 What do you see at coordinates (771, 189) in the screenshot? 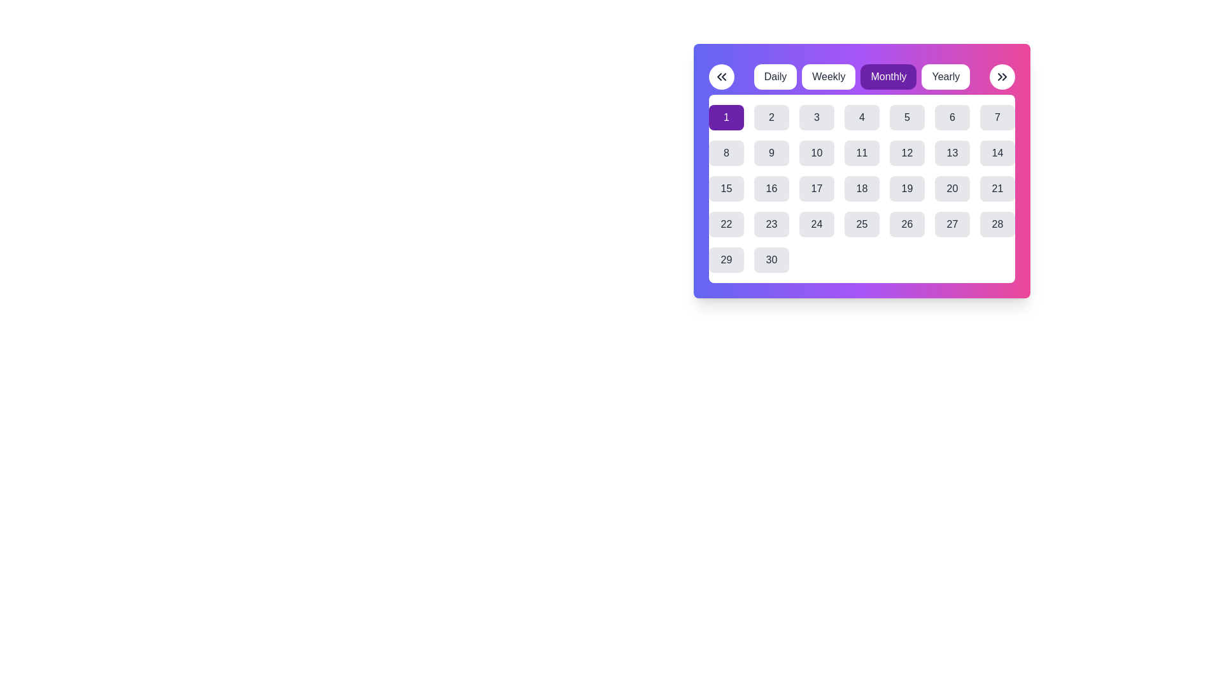
I see `the date selection button labeled '16' in the calendar grid` at bounding box center [771, 189].